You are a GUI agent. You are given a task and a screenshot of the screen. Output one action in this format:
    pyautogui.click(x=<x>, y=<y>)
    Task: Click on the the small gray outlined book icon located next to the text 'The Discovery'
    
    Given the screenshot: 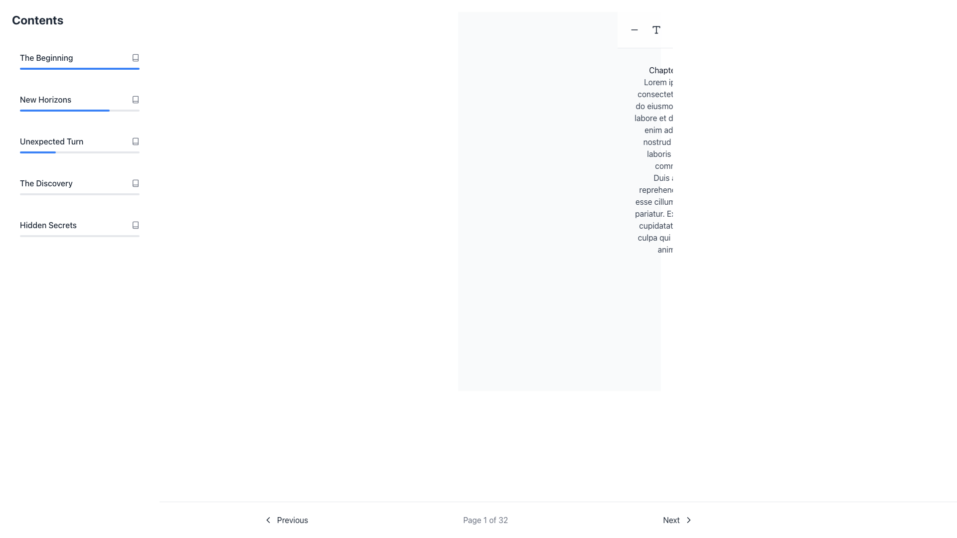 What is the action you would take?
    pyautogui.click(x=135, y=183)
    